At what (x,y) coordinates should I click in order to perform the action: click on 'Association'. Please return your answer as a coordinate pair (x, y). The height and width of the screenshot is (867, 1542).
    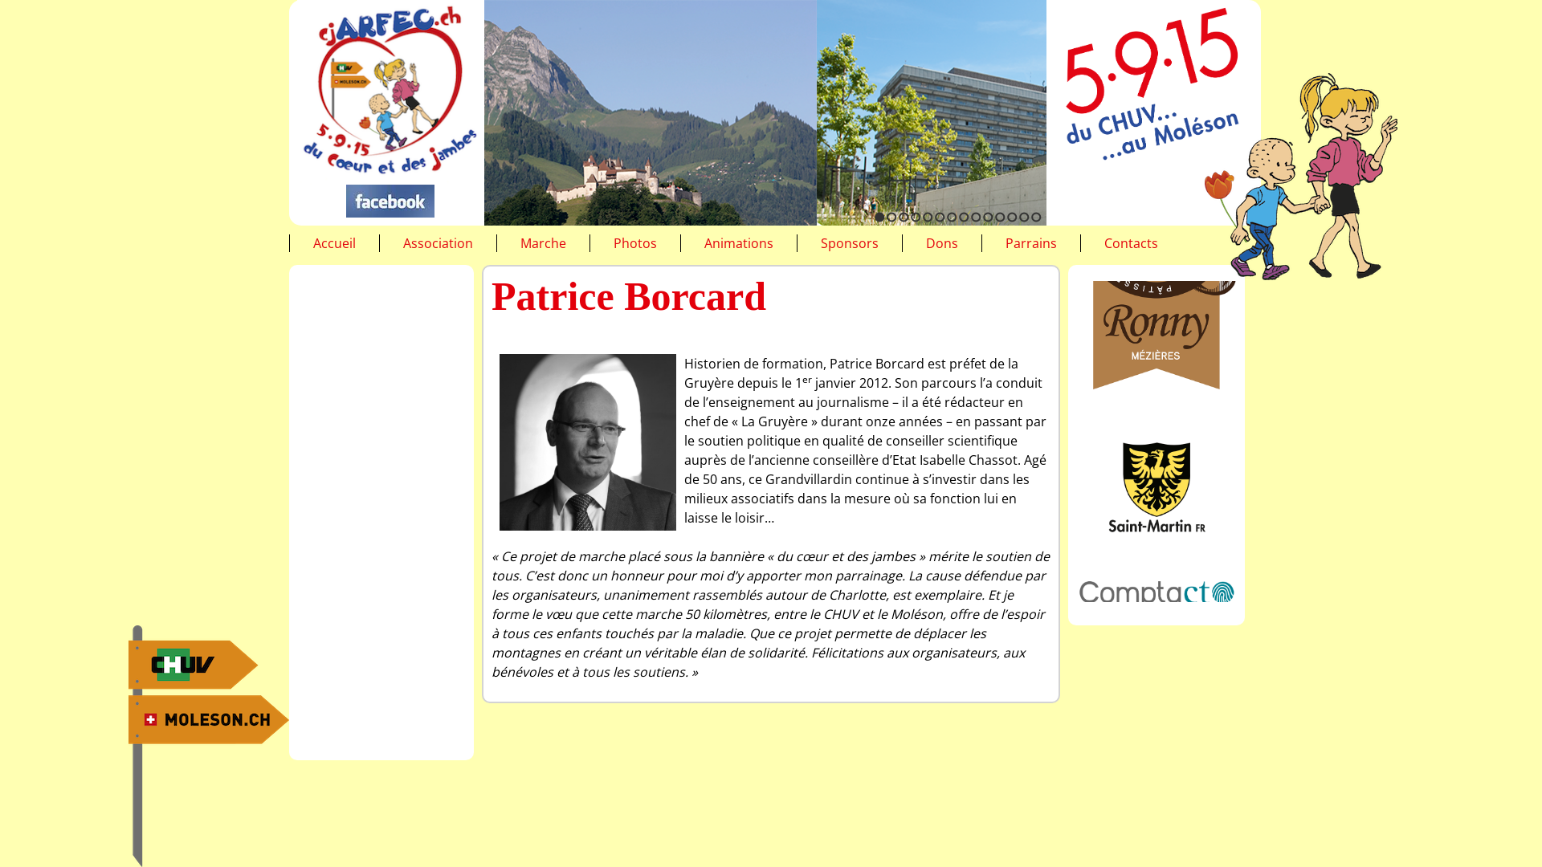
    Looking at the image, I should click on (403, 243).